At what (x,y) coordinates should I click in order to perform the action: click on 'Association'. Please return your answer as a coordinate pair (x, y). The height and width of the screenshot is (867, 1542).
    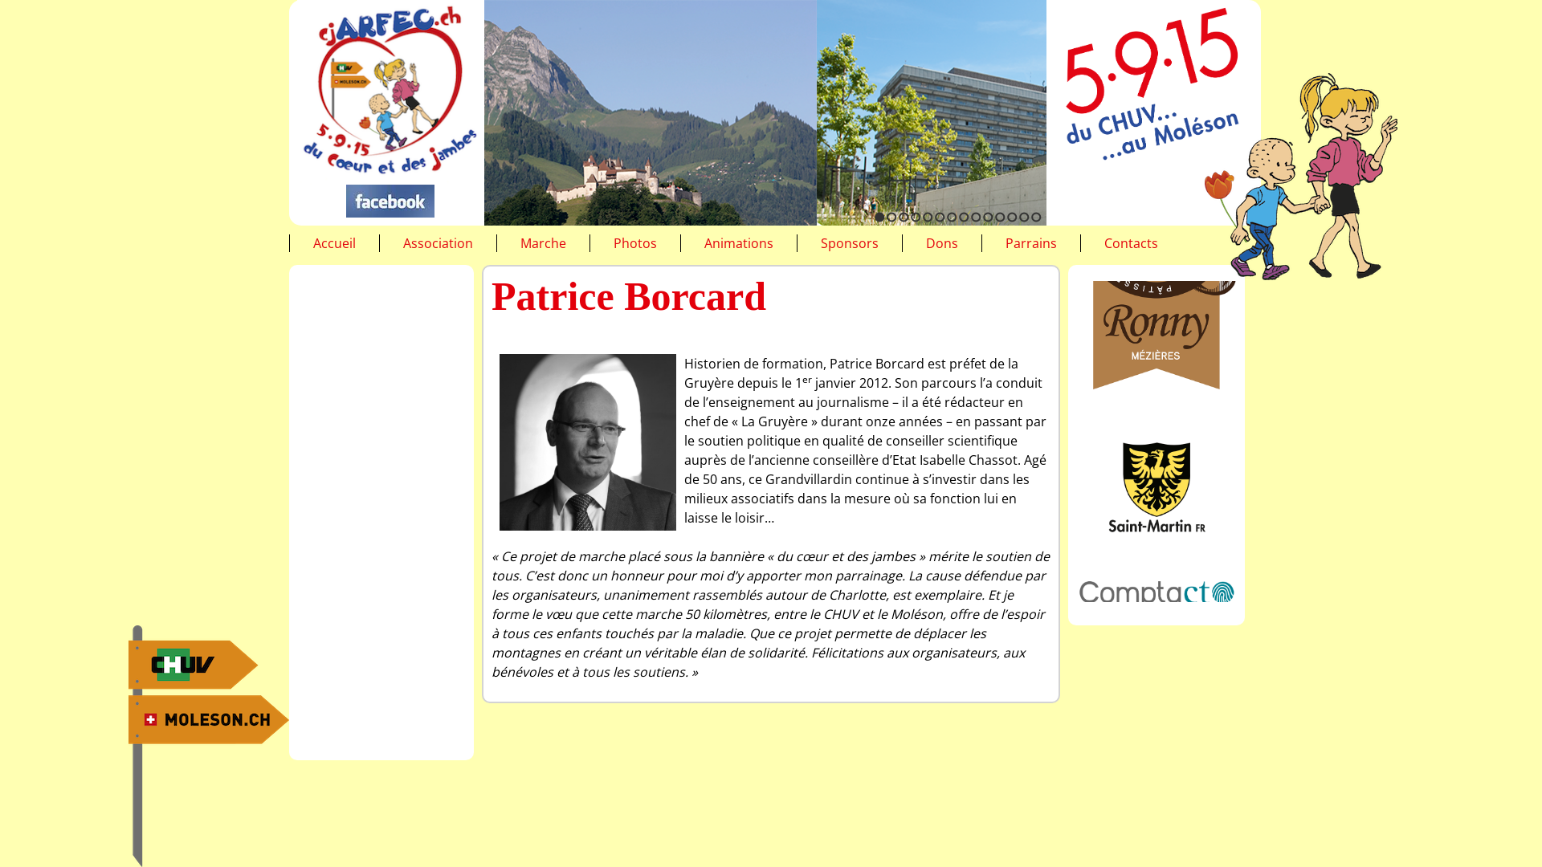
    Looking at the image, I should click on (403, 243).